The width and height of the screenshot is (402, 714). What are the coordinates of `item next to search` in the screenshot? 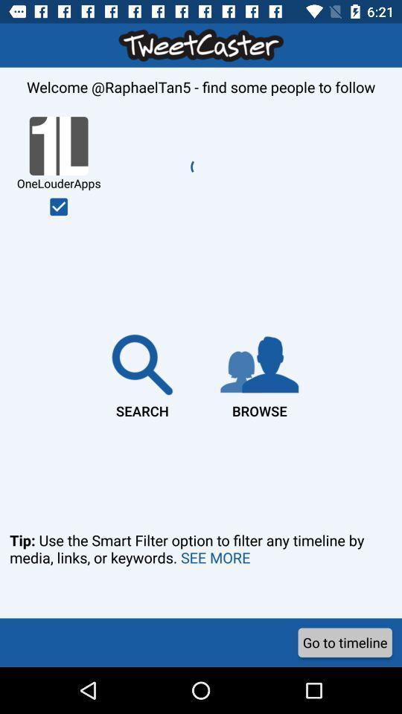 It's located at (258, 373).